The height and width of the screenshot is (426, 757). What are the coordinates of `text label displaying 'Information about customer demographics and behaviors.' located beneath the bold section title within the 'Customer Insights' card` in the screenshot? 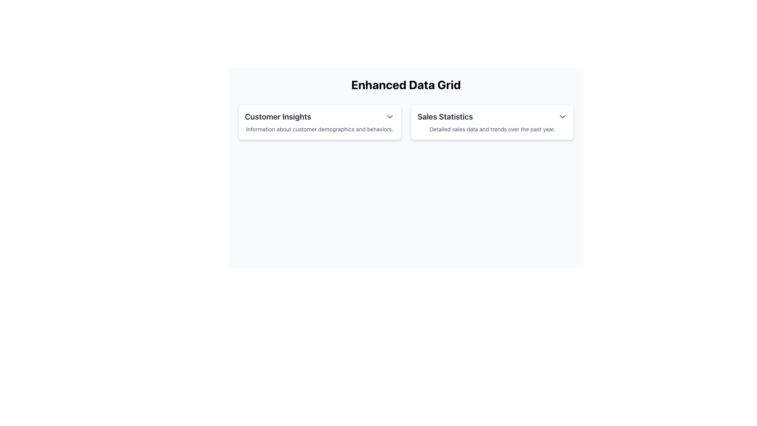 It's located at (320, 129).